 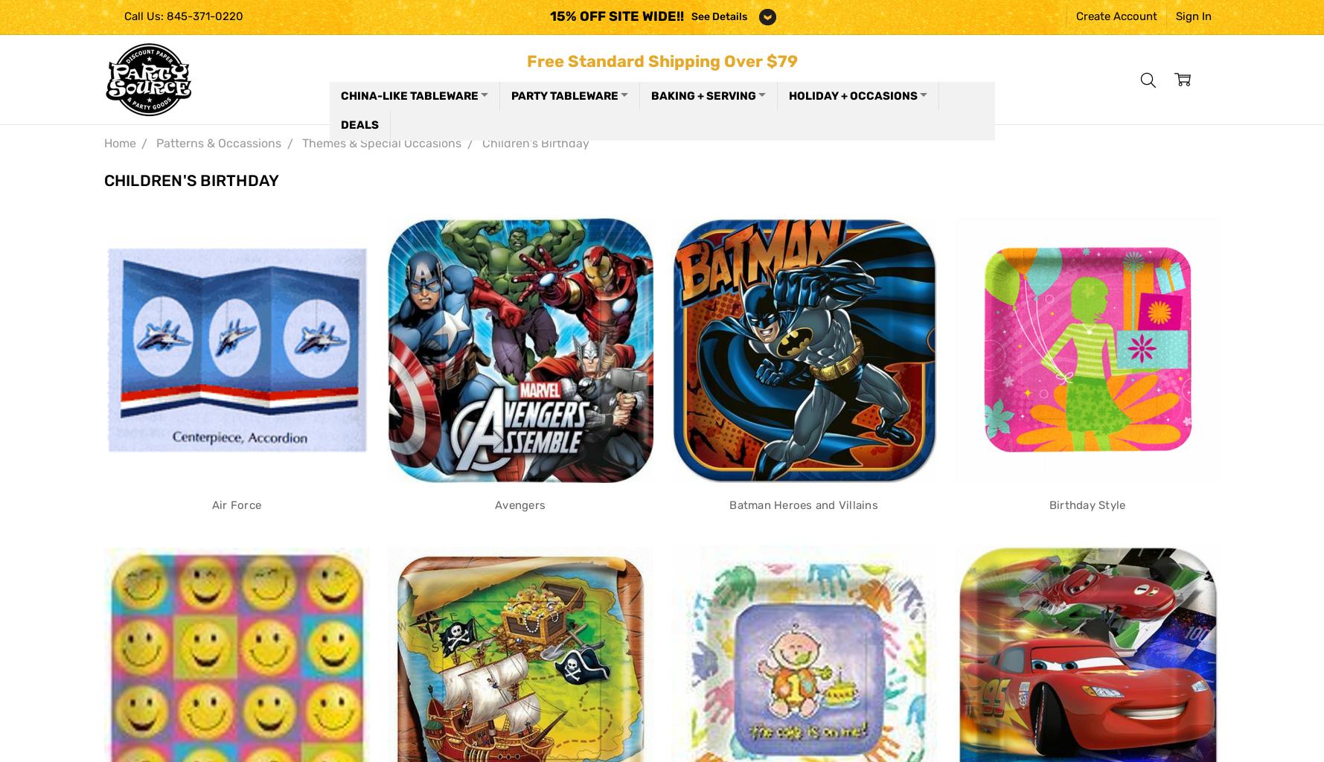 I want to click on 'Call Us: 845-371-0220', so click(x=182, y=15).